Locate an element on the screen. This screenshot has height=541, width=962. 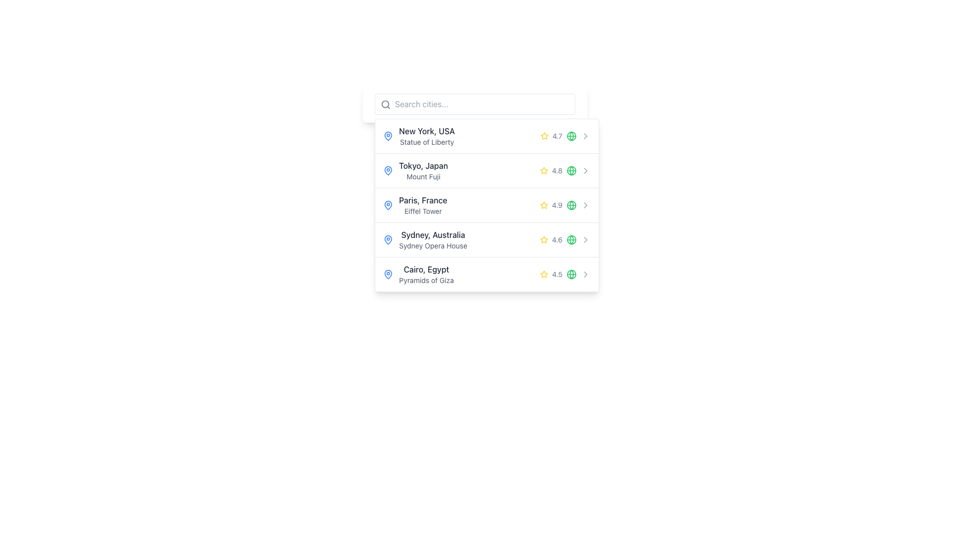
the hollow circular graphic element defined by a stroke, which is part of the magnifying glass icon located at the left side of the search input box is located at coordinates (384, 104).